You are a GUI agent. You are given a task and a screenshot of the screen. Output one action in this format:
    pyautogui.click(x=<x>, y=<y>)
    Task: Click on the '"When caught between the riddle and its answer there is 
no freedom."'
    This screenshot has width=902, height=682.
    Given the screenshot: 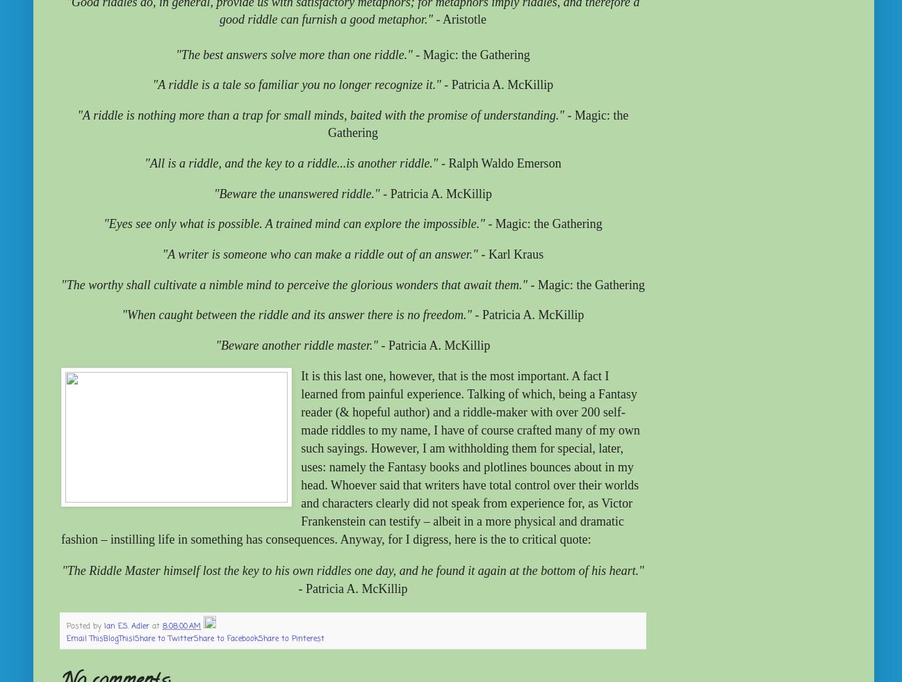 What is the action you would take?
    pyautogui.click(x=296, y=314)
    